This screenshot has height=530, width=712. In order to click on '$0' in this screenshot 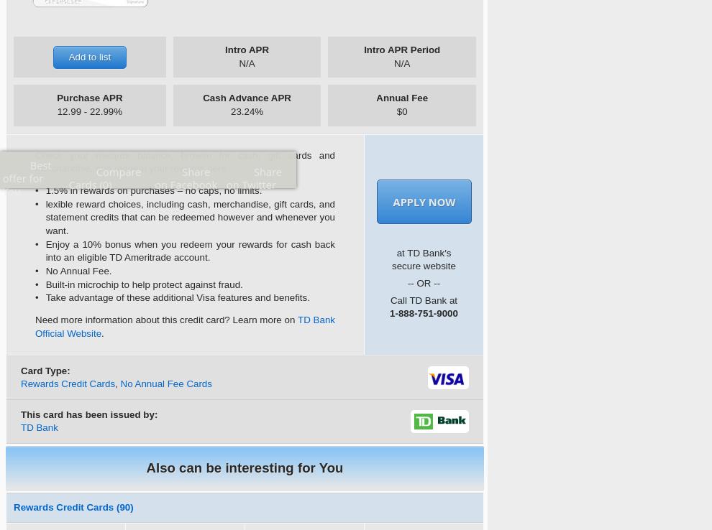, I will do `click(401, 110)`.